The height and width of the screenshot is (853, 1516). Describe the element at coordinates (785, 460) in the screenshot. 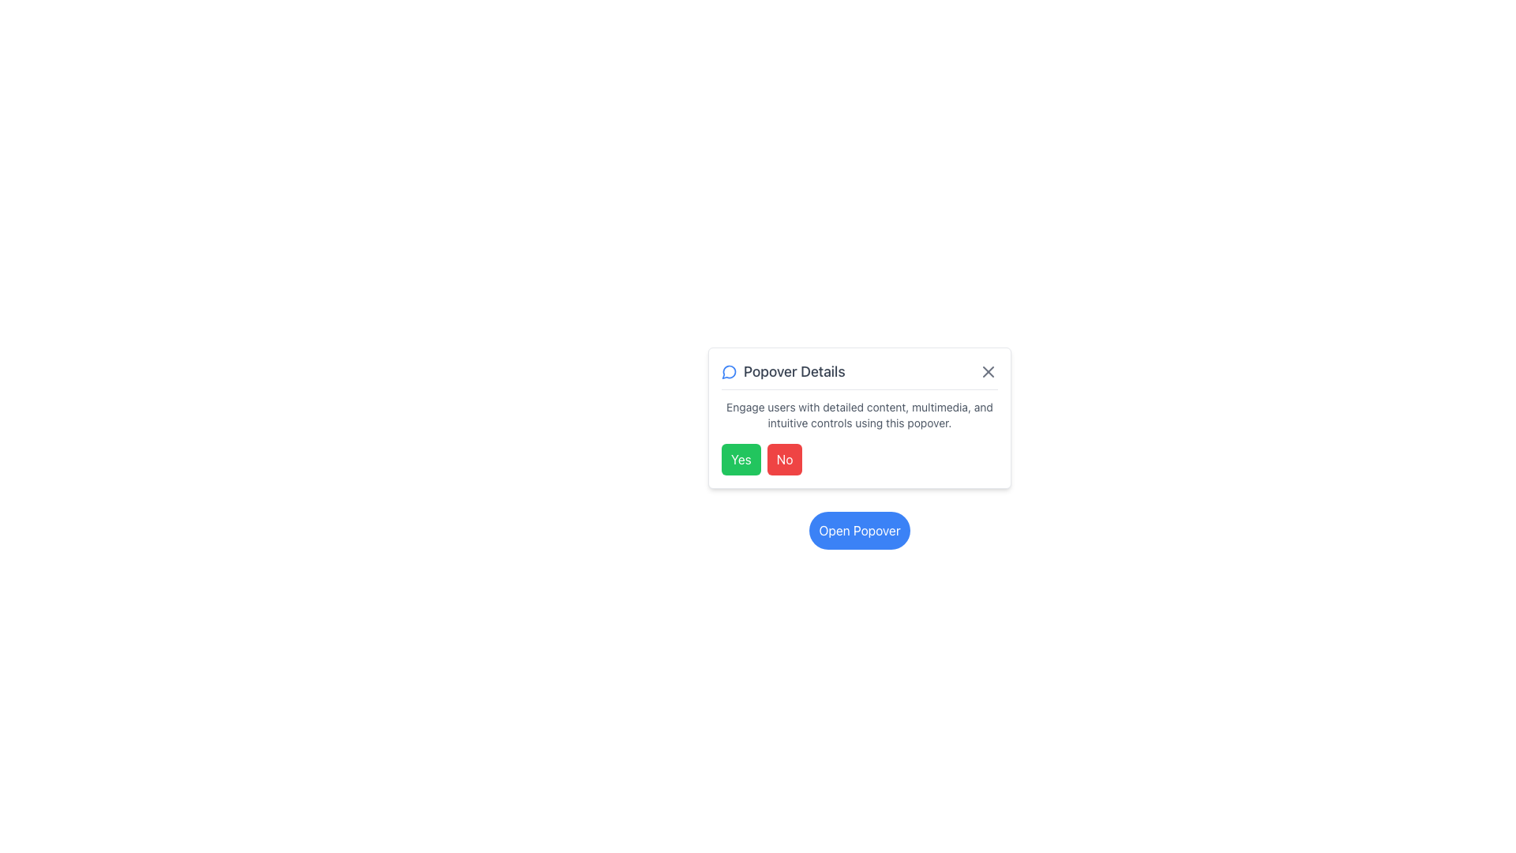

I see `the red button labeled 'No.' to decline, which is the second button positioned to the right of the green button labeled 'Yes.'` at that location.